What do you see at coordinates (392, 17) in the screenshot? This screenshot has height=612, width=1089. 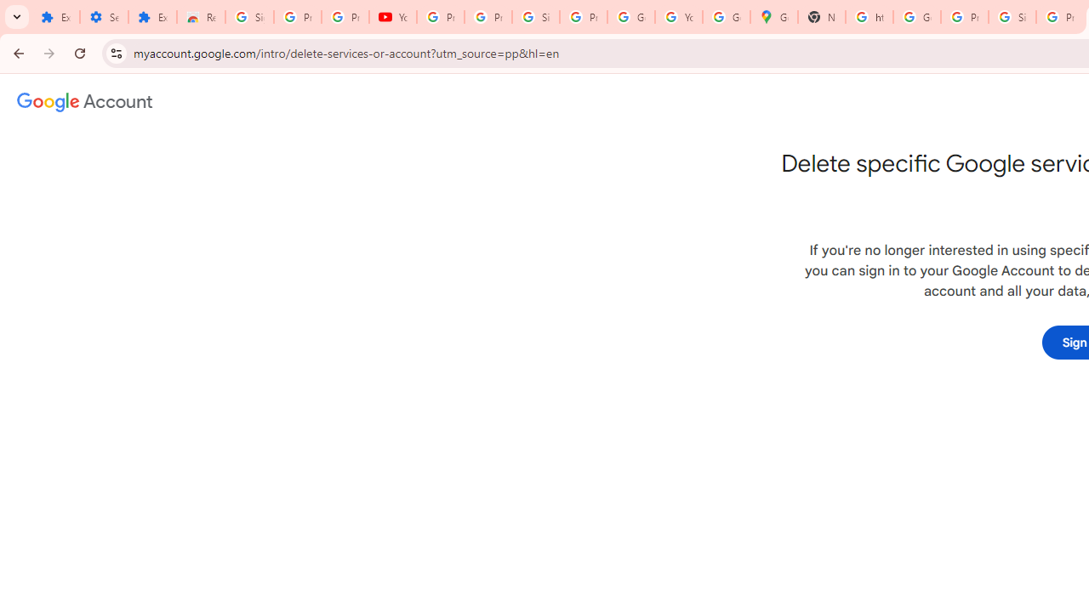 I see `'YouTube'` at bounding box center [392, 17].